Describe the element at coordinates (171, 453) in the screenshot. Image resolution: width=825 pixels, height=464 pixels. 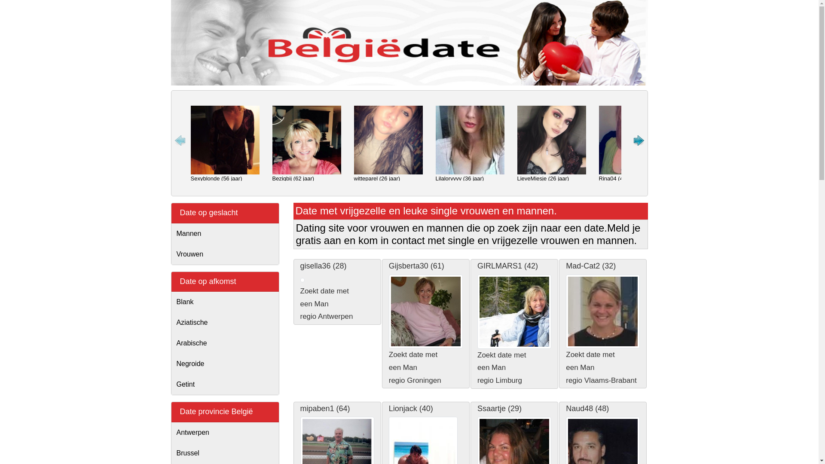
I see `'Brussel'` at that location.